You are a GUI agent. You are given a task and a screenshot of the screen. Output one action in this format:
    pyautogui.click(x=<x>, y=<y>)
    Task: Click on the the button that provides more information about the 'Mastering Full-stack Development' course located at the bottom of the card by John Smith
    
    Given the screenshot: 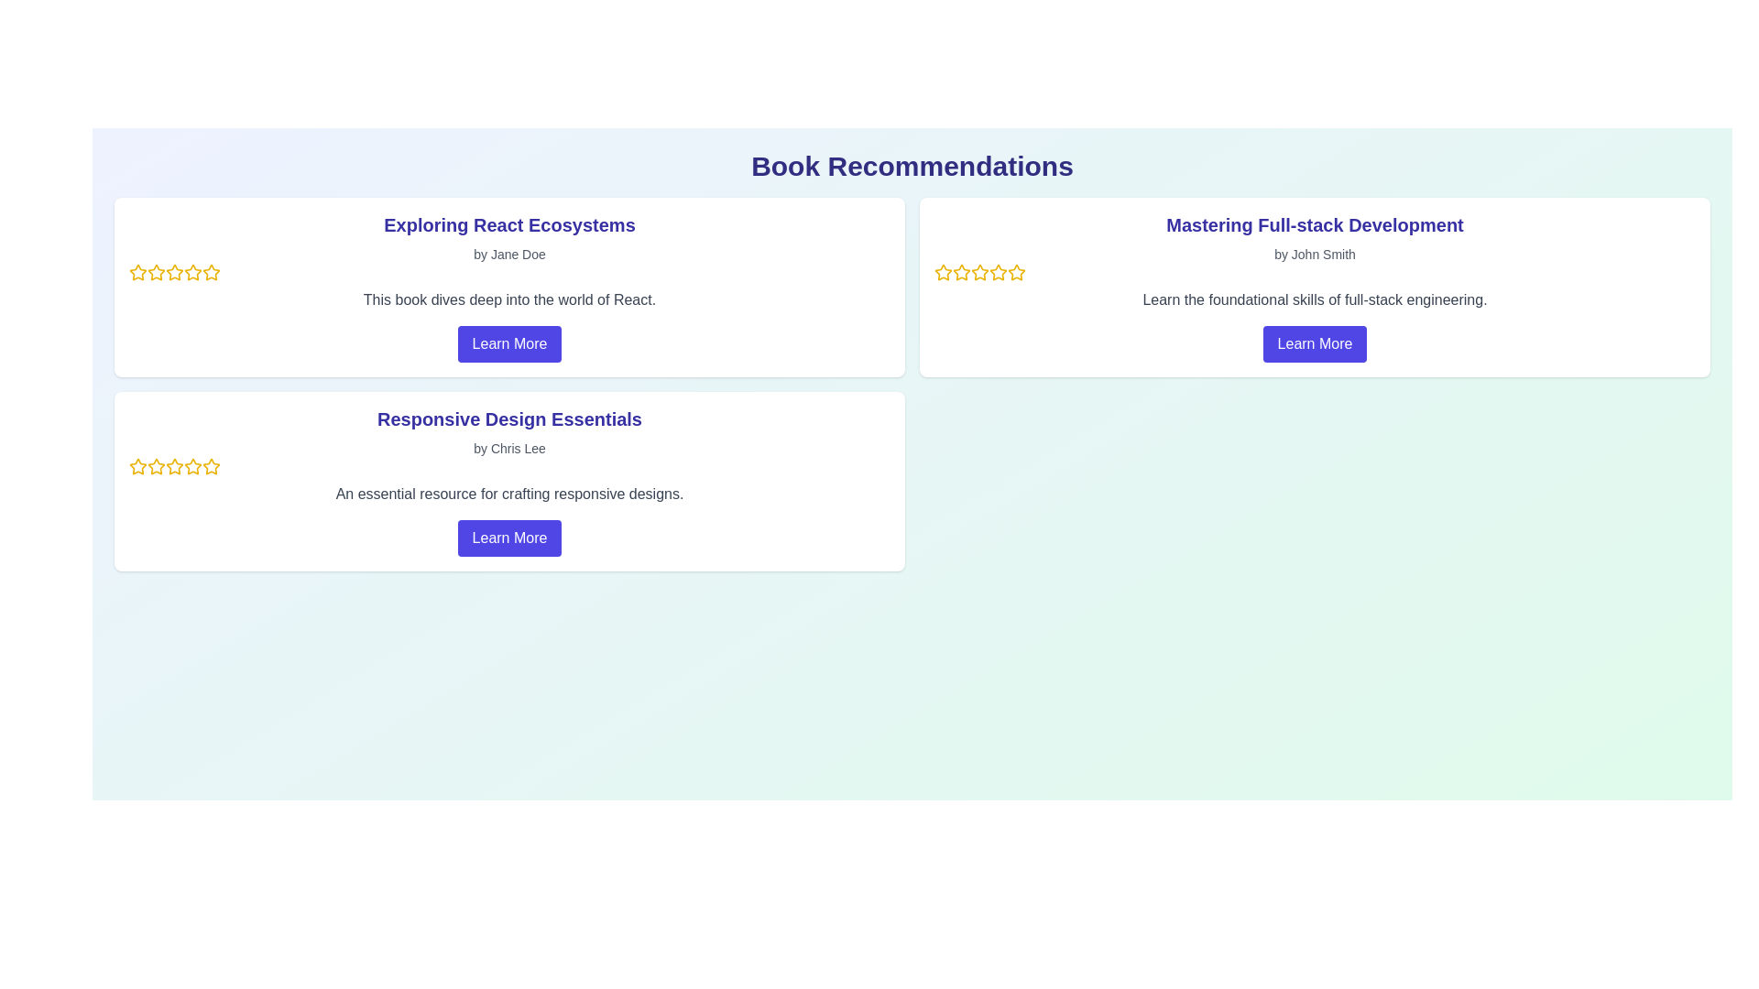 What is the action you would take?
    pyautogui.click(x=1314, y=343)
    